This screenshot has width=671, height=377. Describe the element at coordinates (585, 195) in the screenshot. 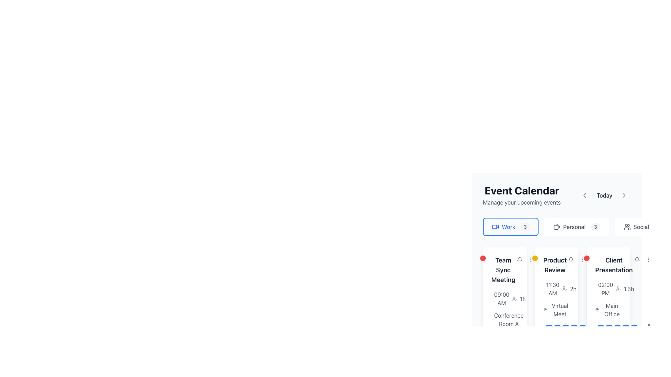

I see `the first circular button in the top-right section of the interface, which is used for backward navigation in a calendar view` at that location.